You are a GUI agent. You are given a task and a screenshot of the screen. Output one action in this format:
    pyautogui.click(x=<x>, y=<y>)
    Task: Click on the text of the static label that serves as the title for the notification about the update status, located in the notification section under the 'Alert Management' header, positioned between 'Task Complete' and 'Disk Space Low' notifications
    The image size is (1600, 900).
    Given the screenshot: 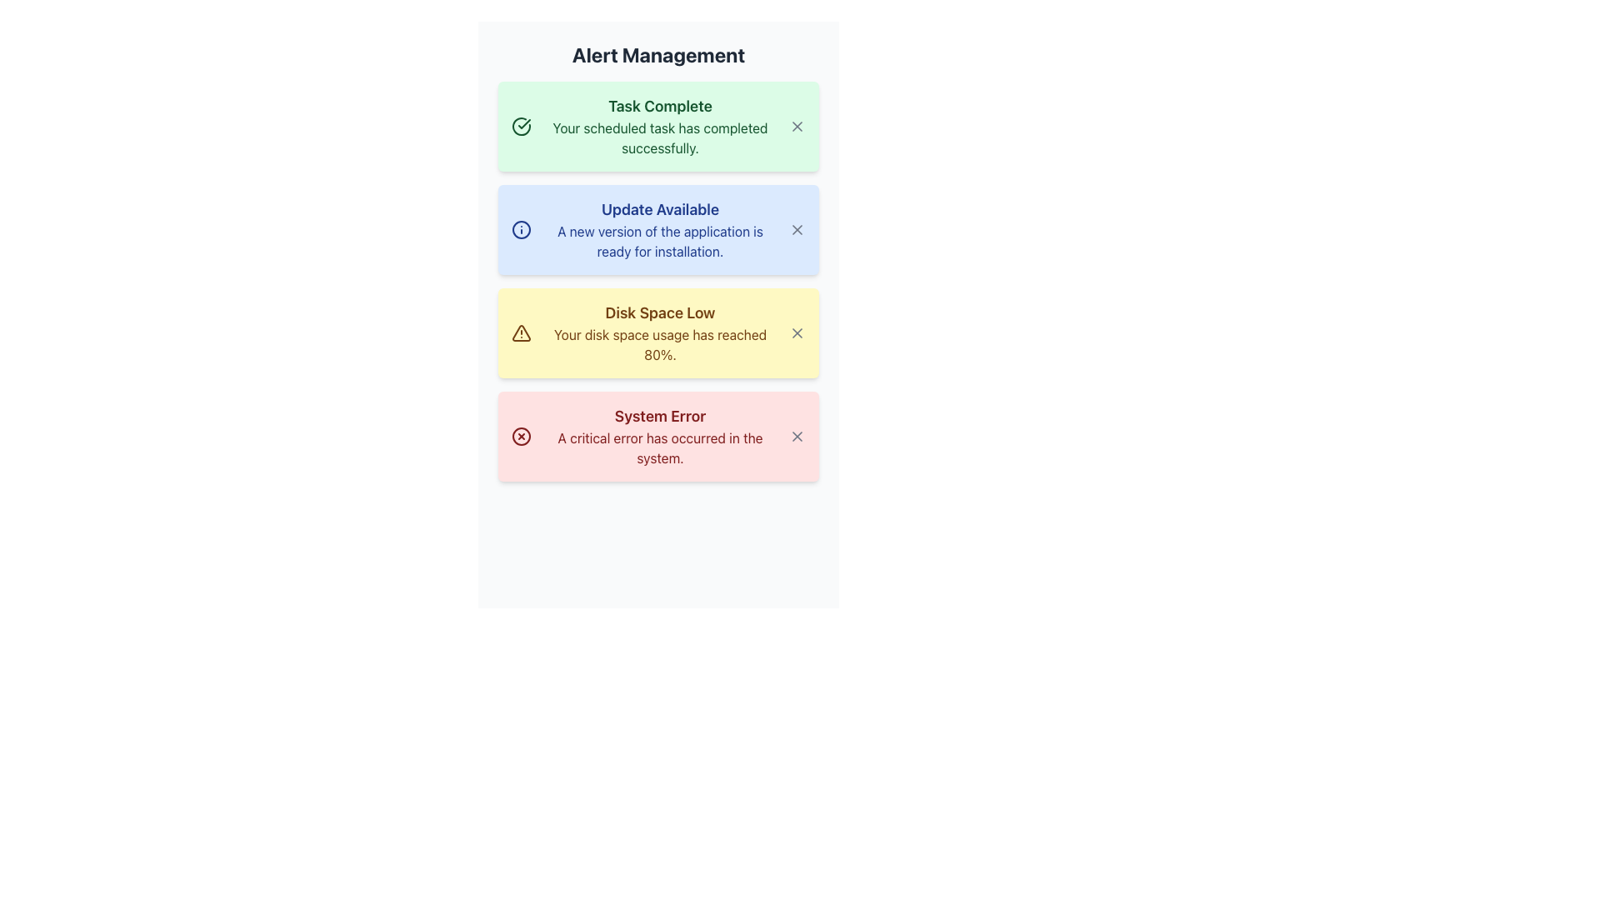 What is the action you would take?
    pyautogui.click(x=659, y=208)
    